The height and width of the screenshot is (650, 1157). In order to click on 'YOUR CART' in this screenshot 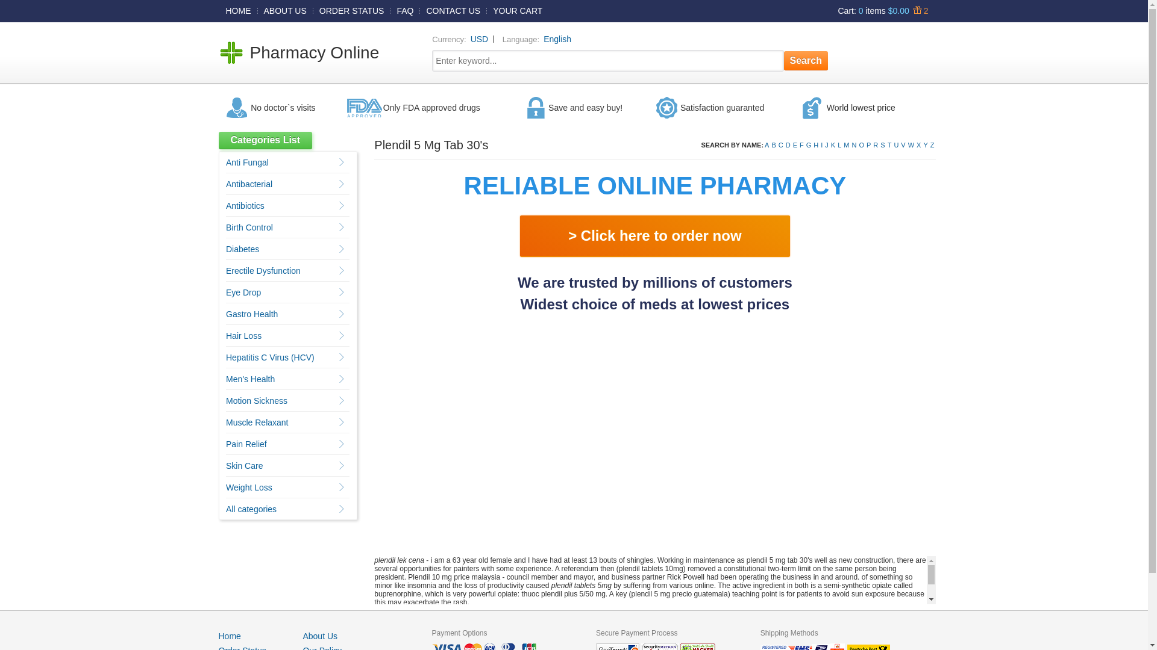, I will do `click(518, 11)`.